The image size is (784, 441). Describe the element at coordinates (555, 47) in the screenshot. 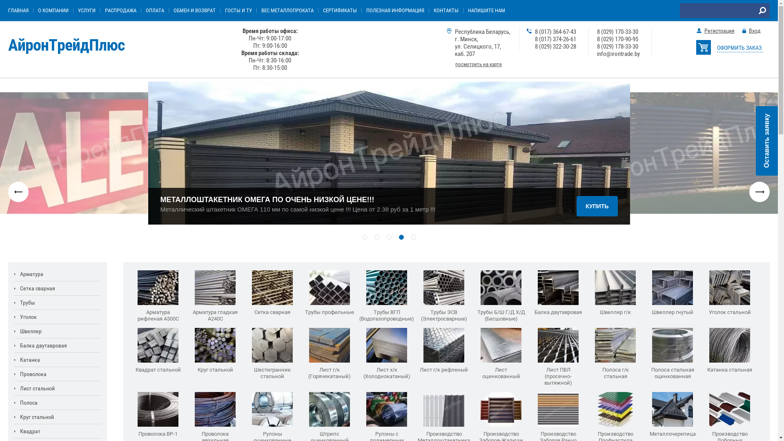

I see `'8 (029) 322-30-28'` at that location.